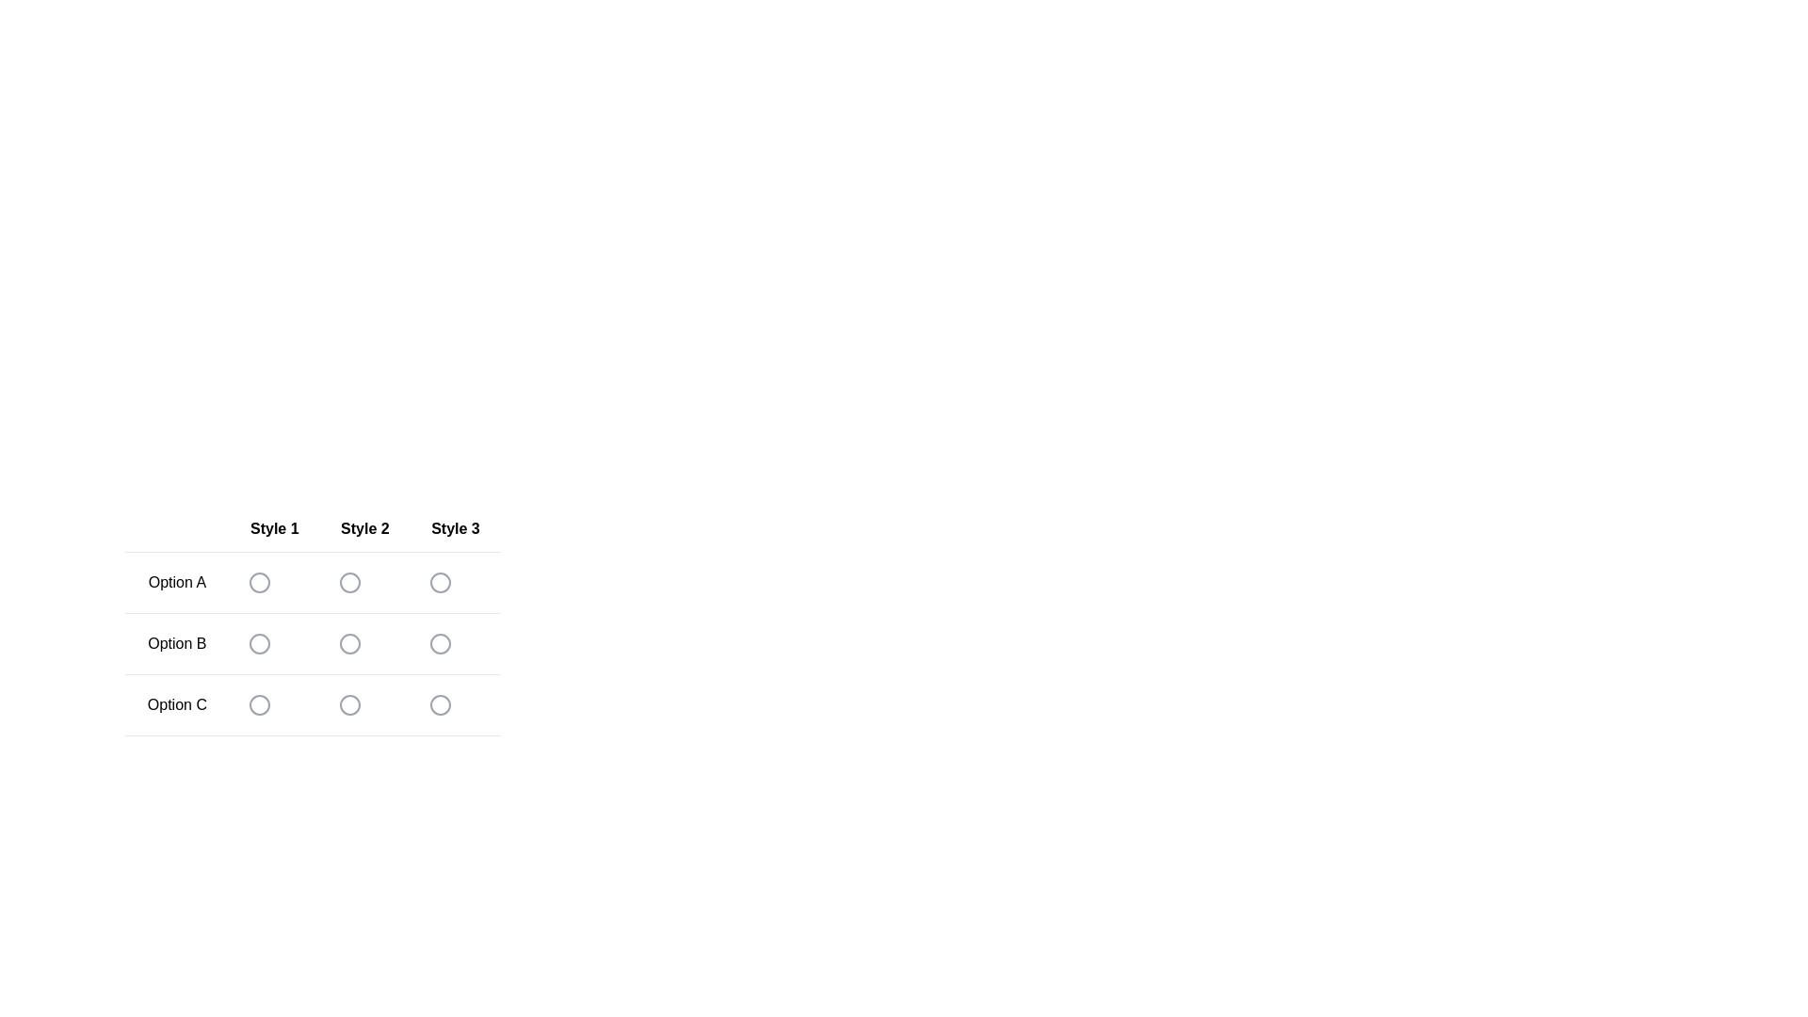 The image size is (1808, 1017). I want to click on the radio button circle located in the 'Style 3' column and 'Option B' row, which is visually styled but not interactive, so click(439, 642).